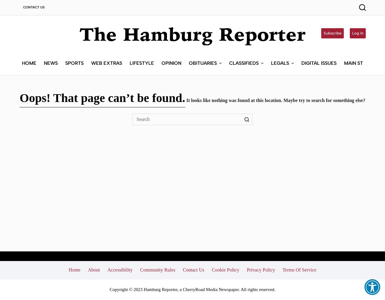 Image resolution: width=385 pixels, height=300 pixels. What do you see at coordinates (74, 62) in the screenshot?
I see `'Sports'` at bounding box center [74, 62].